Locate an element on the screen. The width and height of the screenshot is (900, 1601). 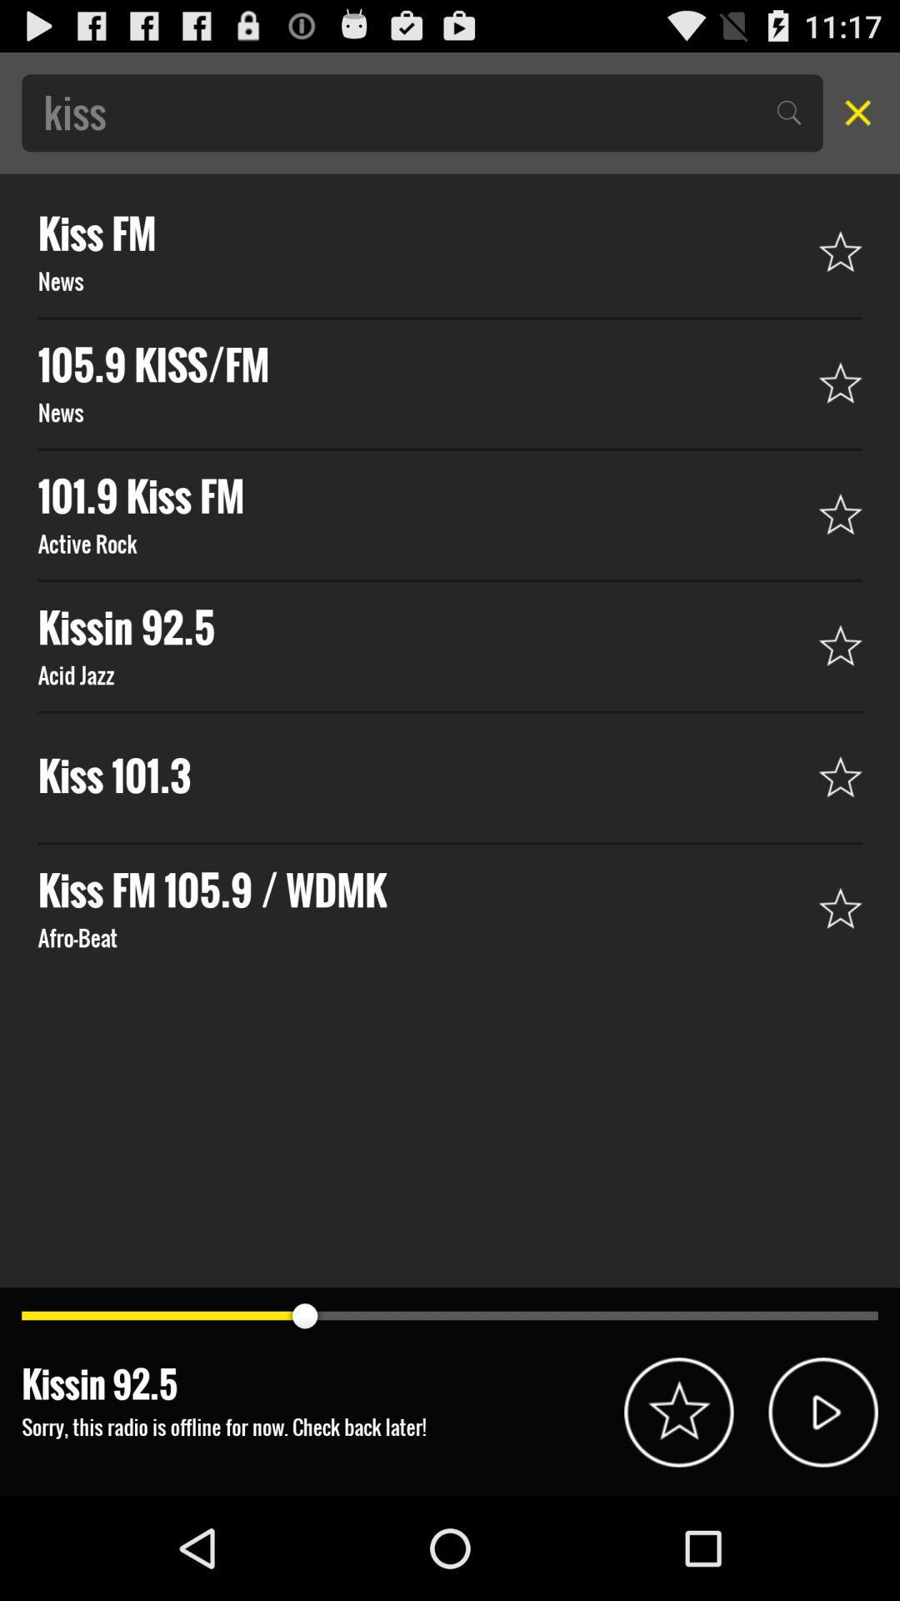
the play icon is located at coordinates (822, 1511).